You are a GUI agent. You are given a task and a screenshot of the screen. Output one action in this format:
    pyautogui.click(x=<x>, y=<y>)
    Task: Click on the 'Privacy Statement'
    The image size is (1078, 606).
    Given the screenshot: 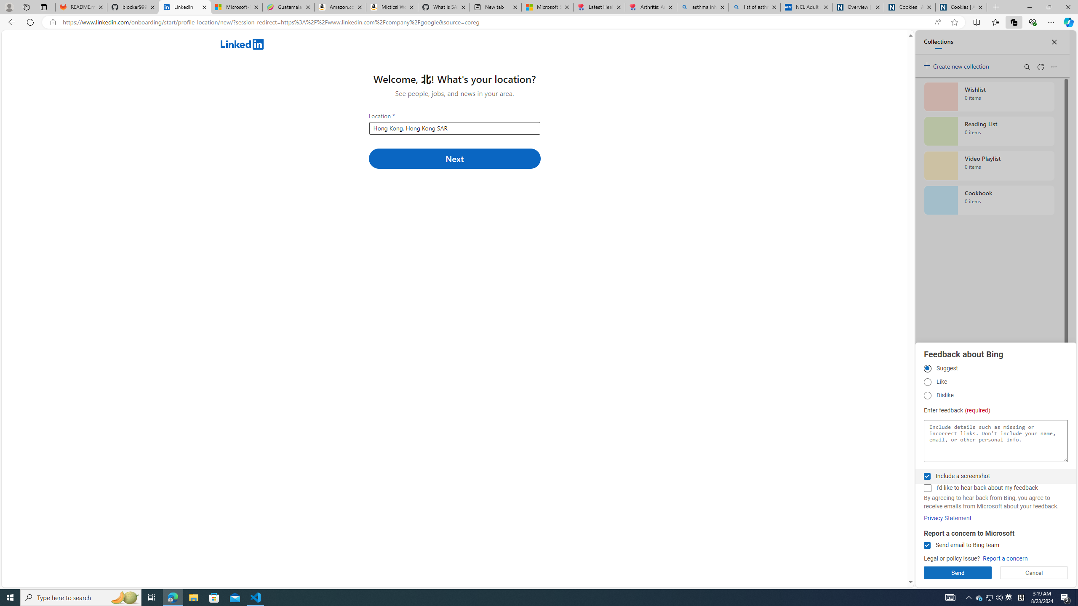 What is the action you would take?
    pyautogui.click(x=947, y=518)
    